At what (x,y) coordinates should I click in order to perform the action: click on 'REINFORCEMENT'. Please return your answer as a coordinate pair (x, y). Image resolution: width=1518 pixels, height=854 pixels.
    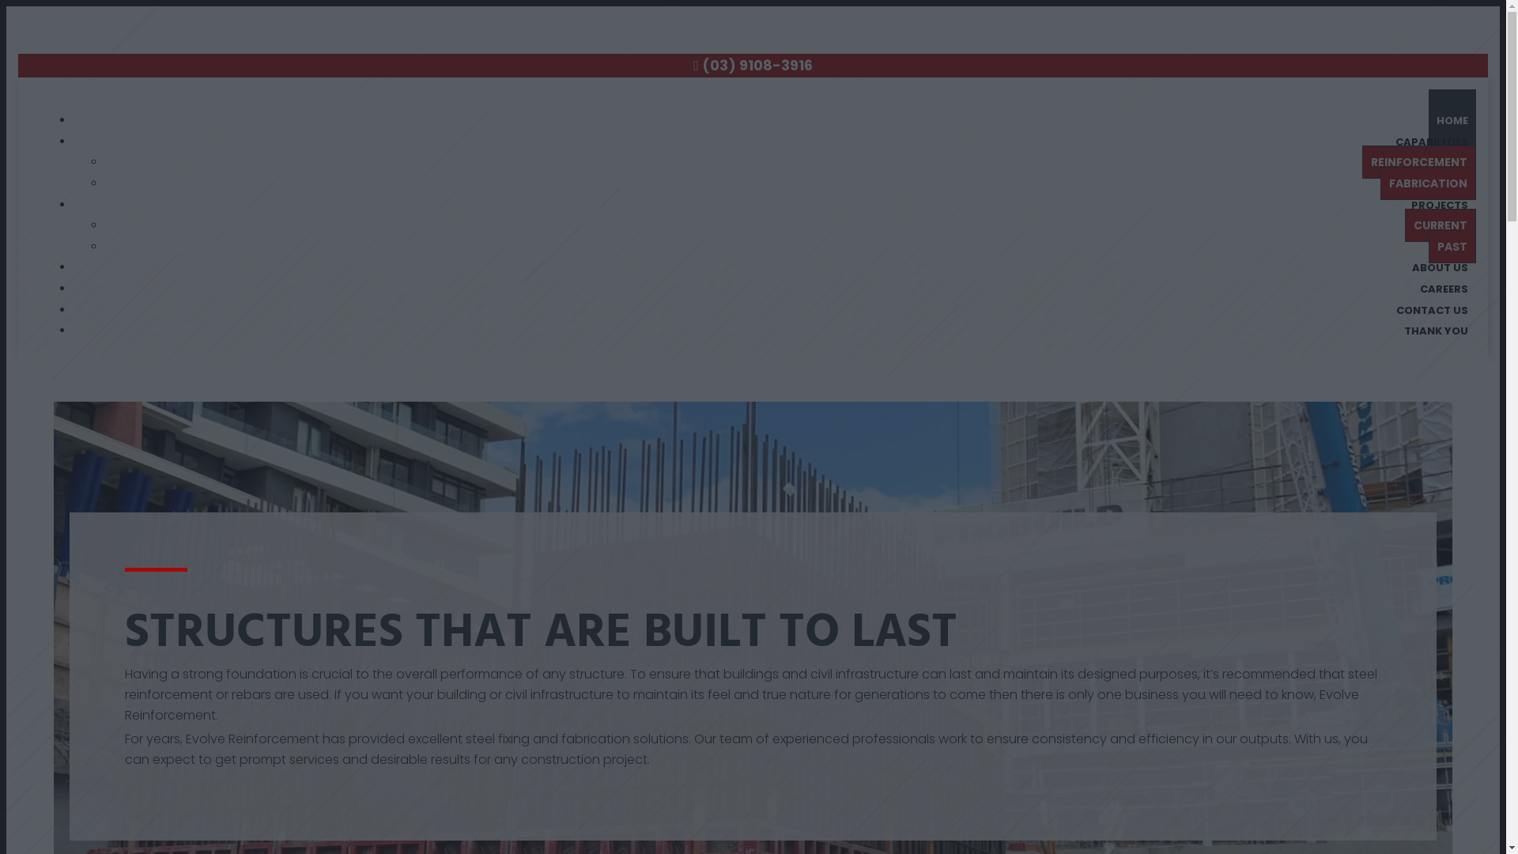
    Looking at the image, I should click on (1419, 161).